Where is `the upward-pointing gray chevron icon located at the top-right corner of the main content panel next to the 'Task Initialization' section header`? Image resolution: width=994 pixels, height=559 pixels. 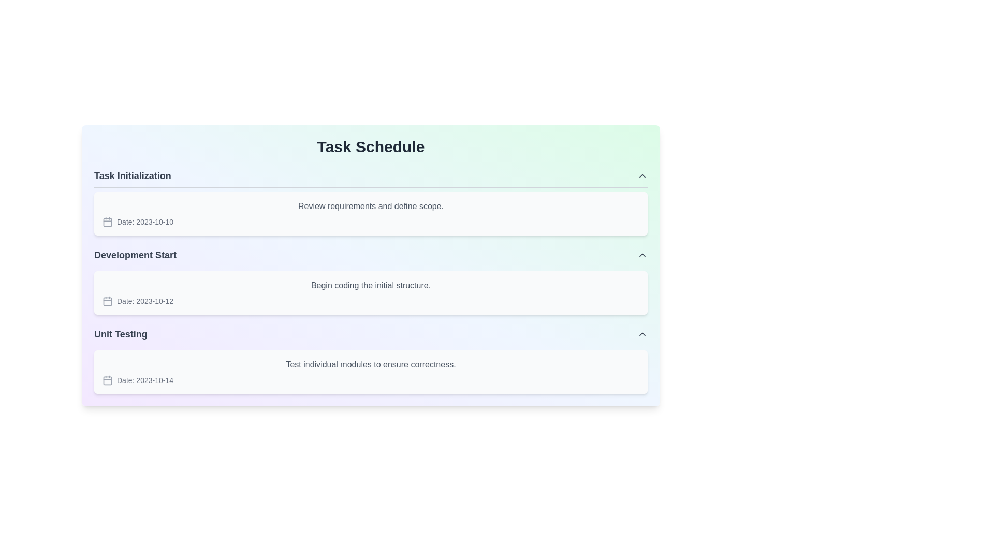
the upward-pointing gray chevron icon located at the top-right corner of the main content panel next to the 'Task Initialization' section header is located at coordinates (642, 175).